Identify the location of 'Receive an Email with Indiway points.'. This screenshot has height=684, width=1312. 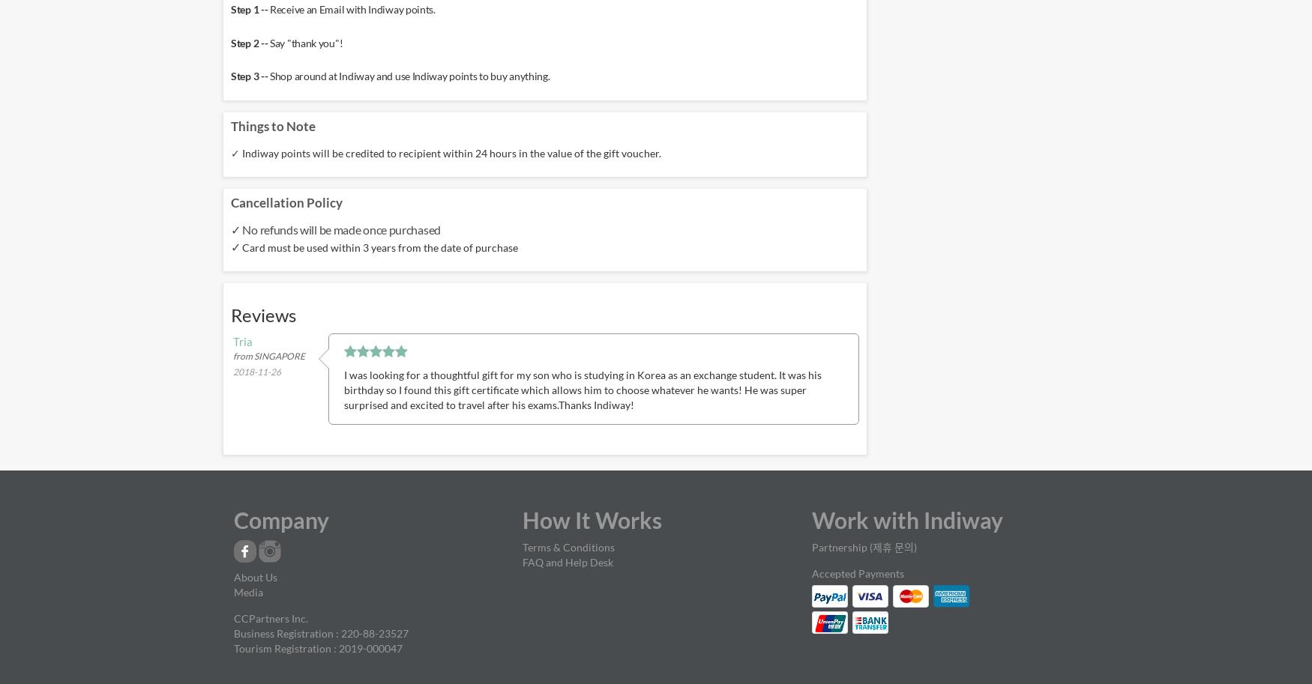
(353, 8).